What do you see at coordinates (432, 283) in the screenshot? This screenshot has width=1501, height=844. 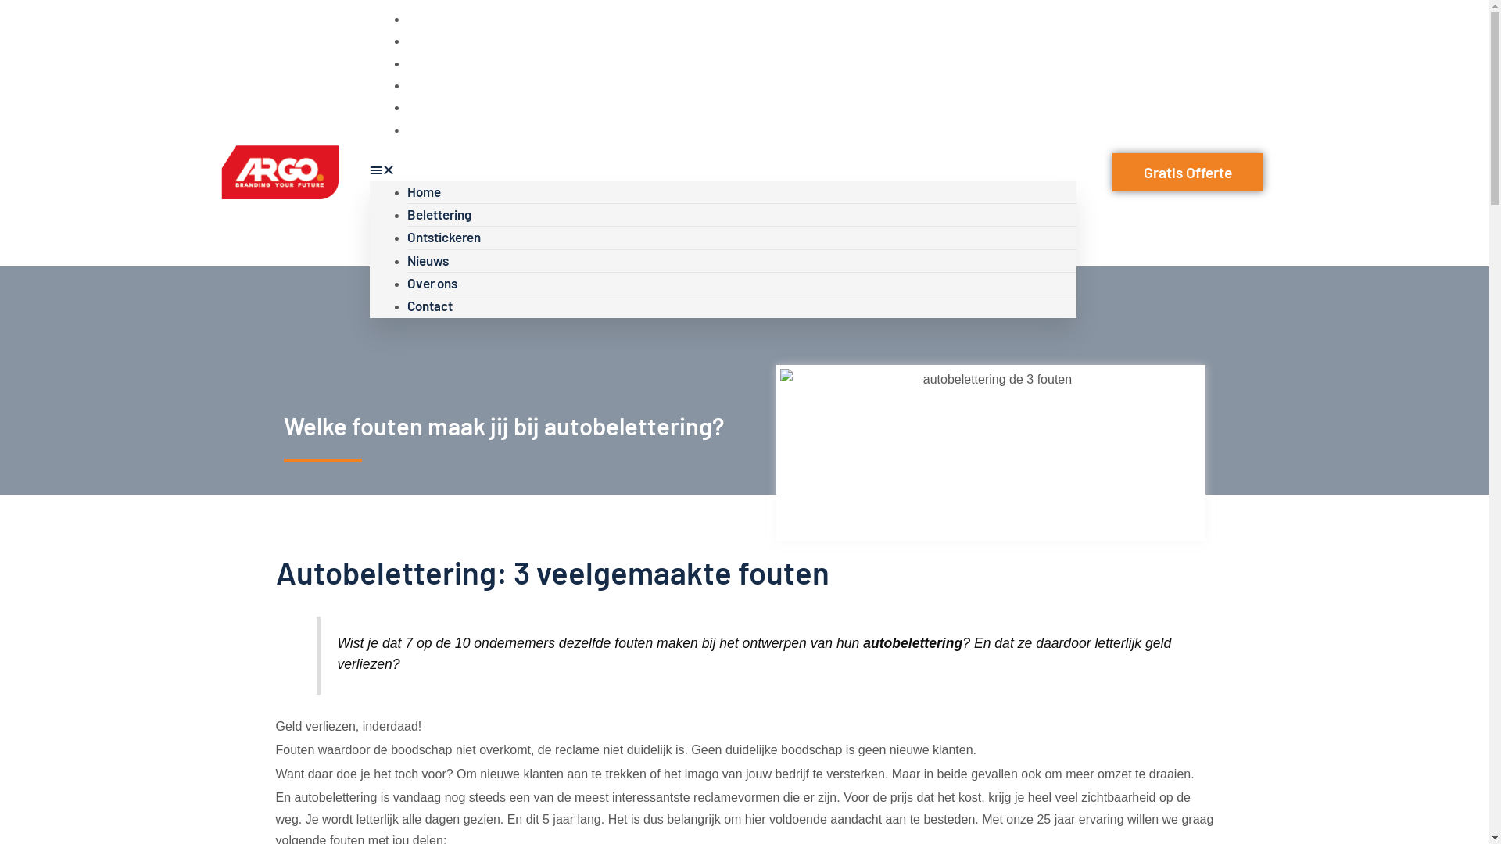 I see `'Over ons'` at bounding box center [432, 283].